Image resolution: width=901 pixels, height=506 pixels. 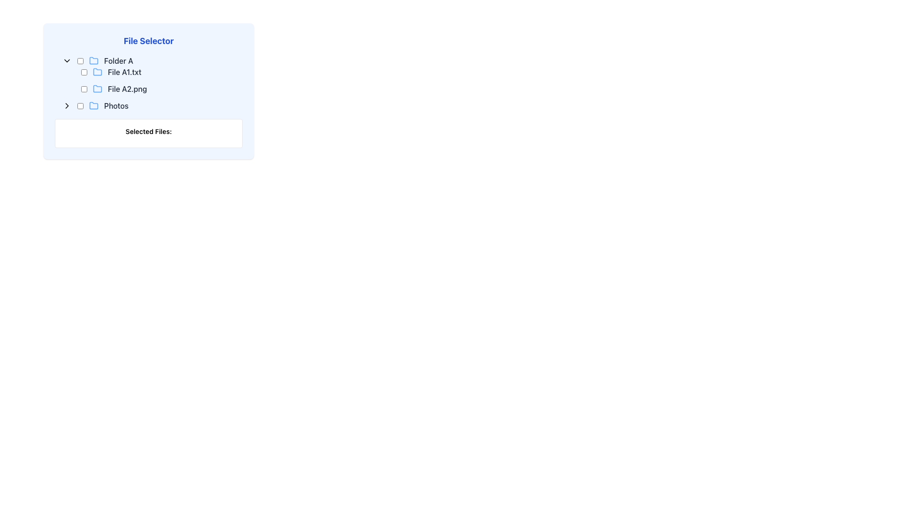 I want to click on the right-facing chevron icon next to the text 'Photos', so click(x=67, y=105).